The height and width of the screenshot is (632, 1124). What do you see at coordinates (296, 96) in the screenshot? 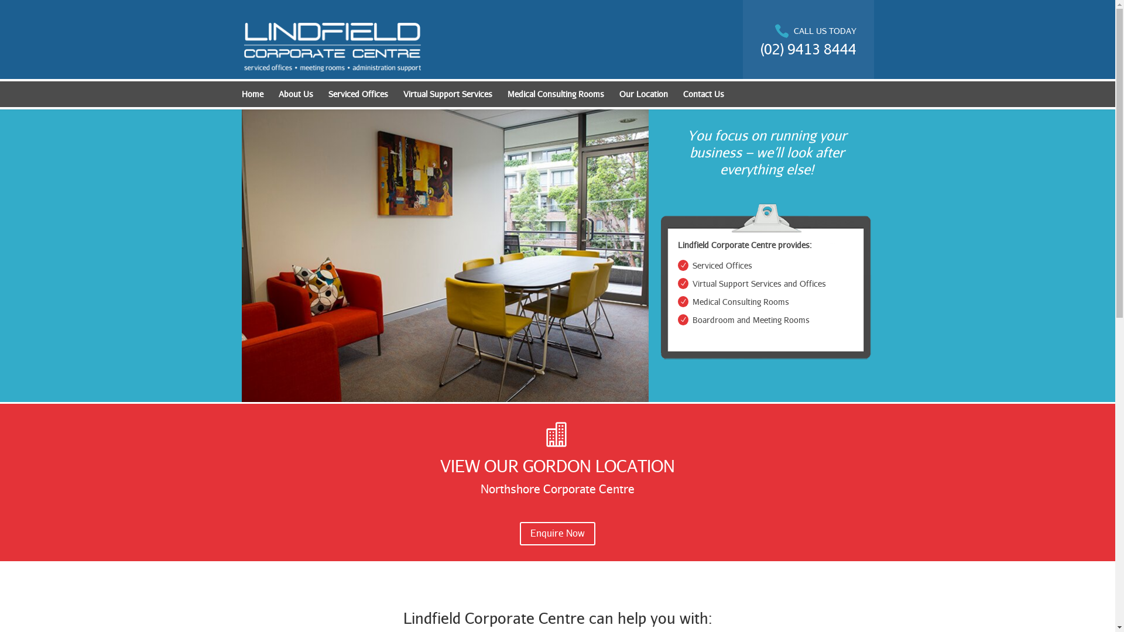
I see `'About Us'` at bounding box center [296, 96].